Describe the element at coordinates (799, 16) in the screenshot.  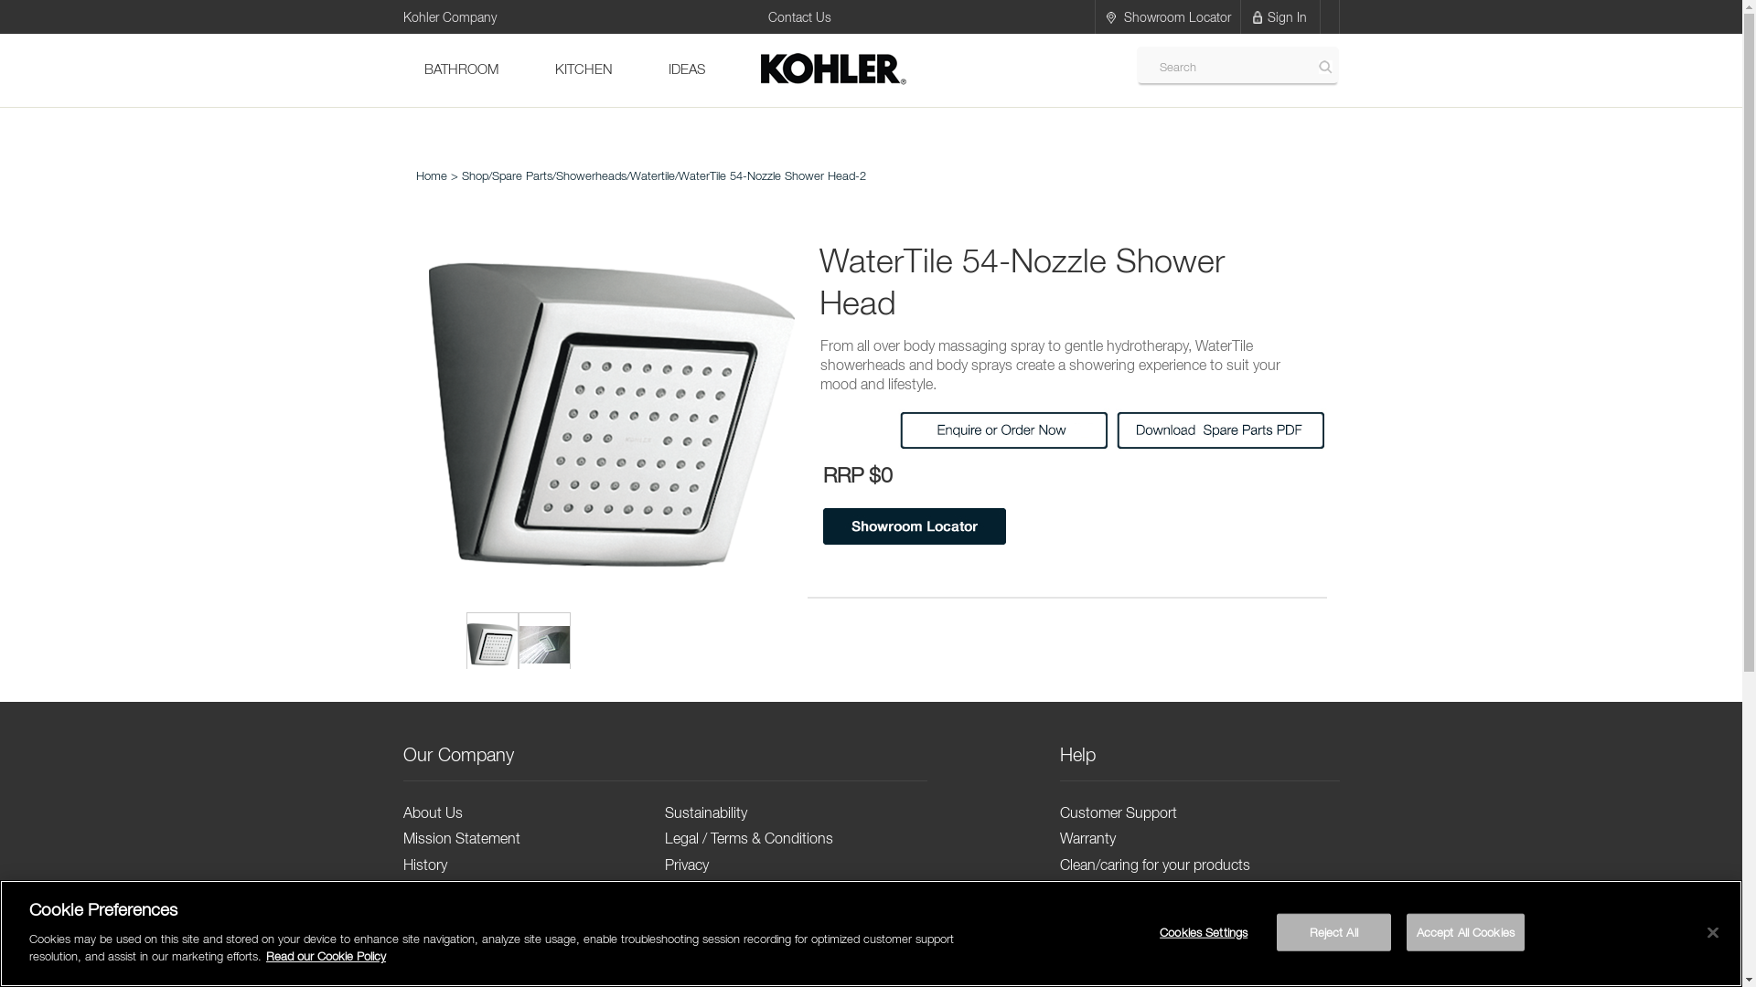
I see `'Contact Us'` at that location.